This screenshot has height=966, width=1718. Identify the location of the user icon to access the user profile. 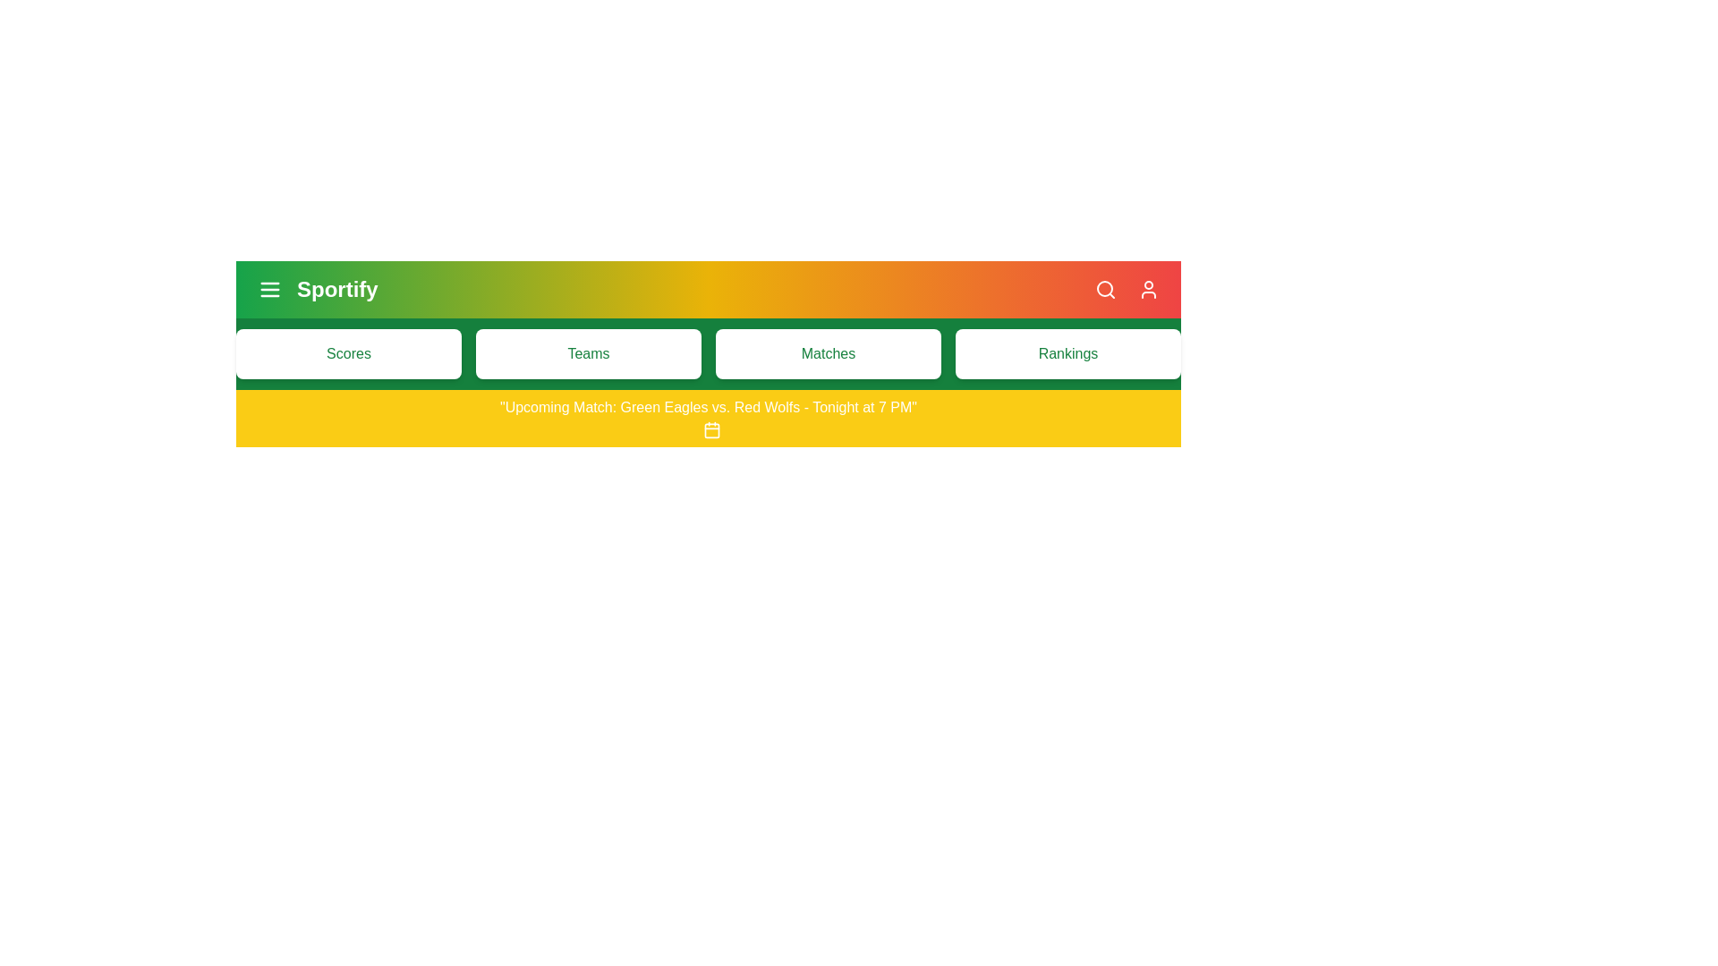
(1148, 289).